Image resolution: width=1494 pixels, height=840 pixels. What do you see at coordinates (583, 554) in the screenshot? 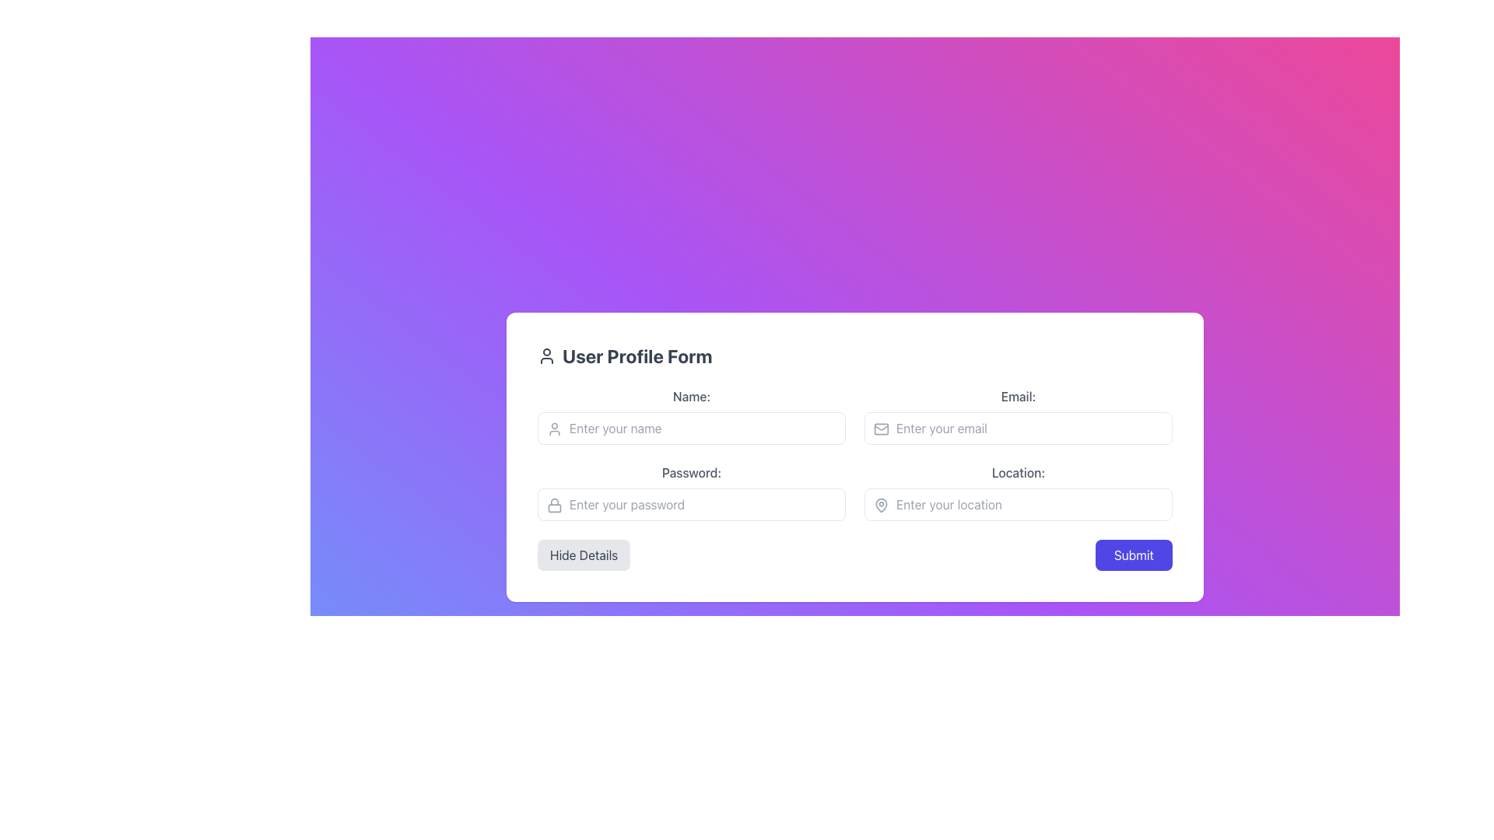
I see `the 'Hide Details' button` at bounding box center [583, 554].